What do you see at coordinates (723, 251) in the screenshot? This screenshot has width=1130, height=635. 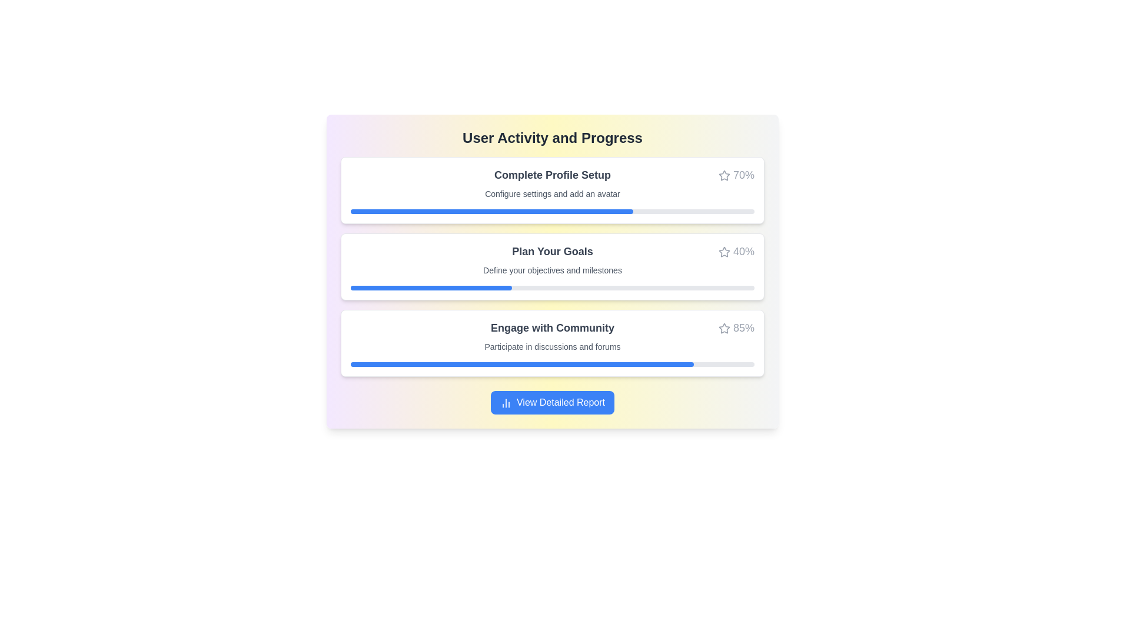 I see `the star-shaped graphic icon with a gray stroke, located to the right of the 'Plan Your Goals' progress bar in the second row of the activity panel` at bounding box center [723, 251].